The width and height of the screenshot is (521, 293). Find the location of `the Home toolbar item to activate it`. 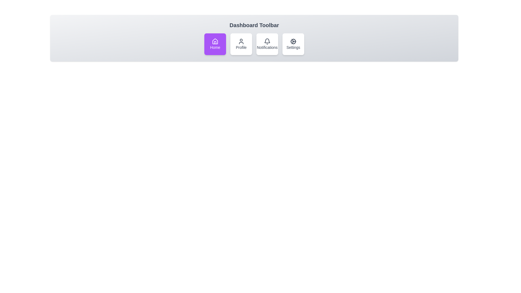

the Home toolbar item to activate it is located at coordinates (215, 44).